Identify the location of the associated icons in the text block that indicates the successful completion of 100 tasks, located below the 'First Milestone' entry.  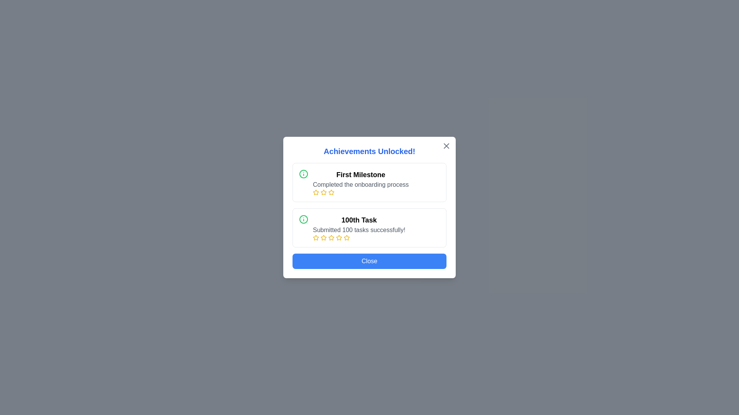
(359, 227).